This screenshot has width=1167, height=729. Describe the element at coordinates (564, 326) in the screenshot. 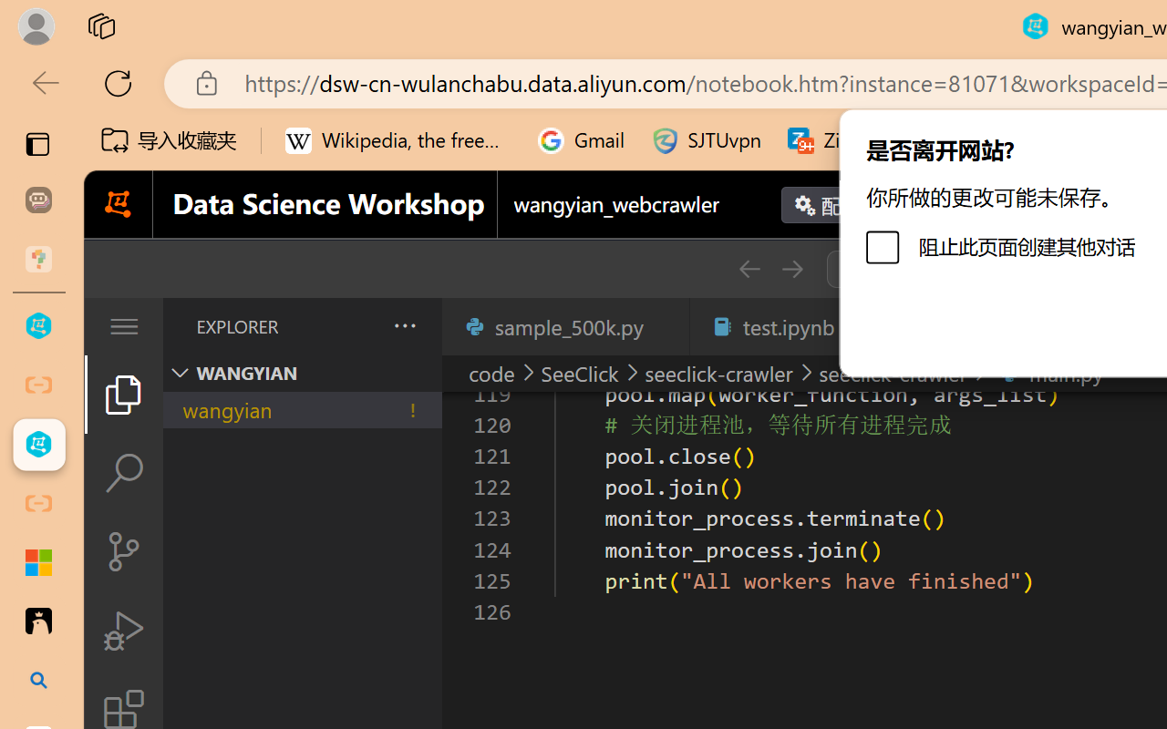

I see `'sample_500k.py'` at that location.